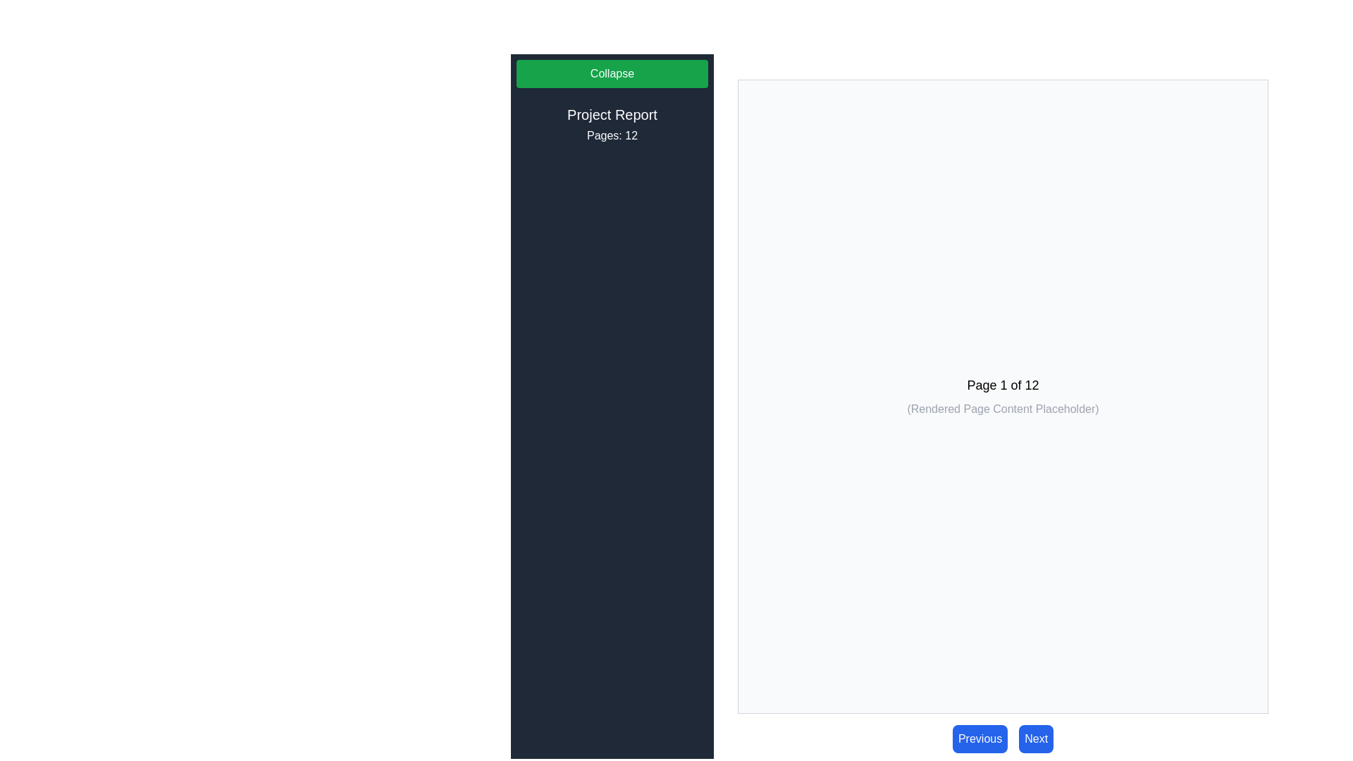 This screenshot has width=1353, height=761. What do you see at coordinates (1002, 738) in the screenshot?
I see `the 'Previous' button on the grouped button navigation control` at bounding box center [1002, 738].